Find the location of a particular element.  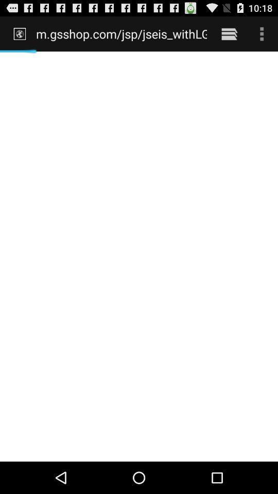

m gsshop com item is located at coordinates (121, 33).